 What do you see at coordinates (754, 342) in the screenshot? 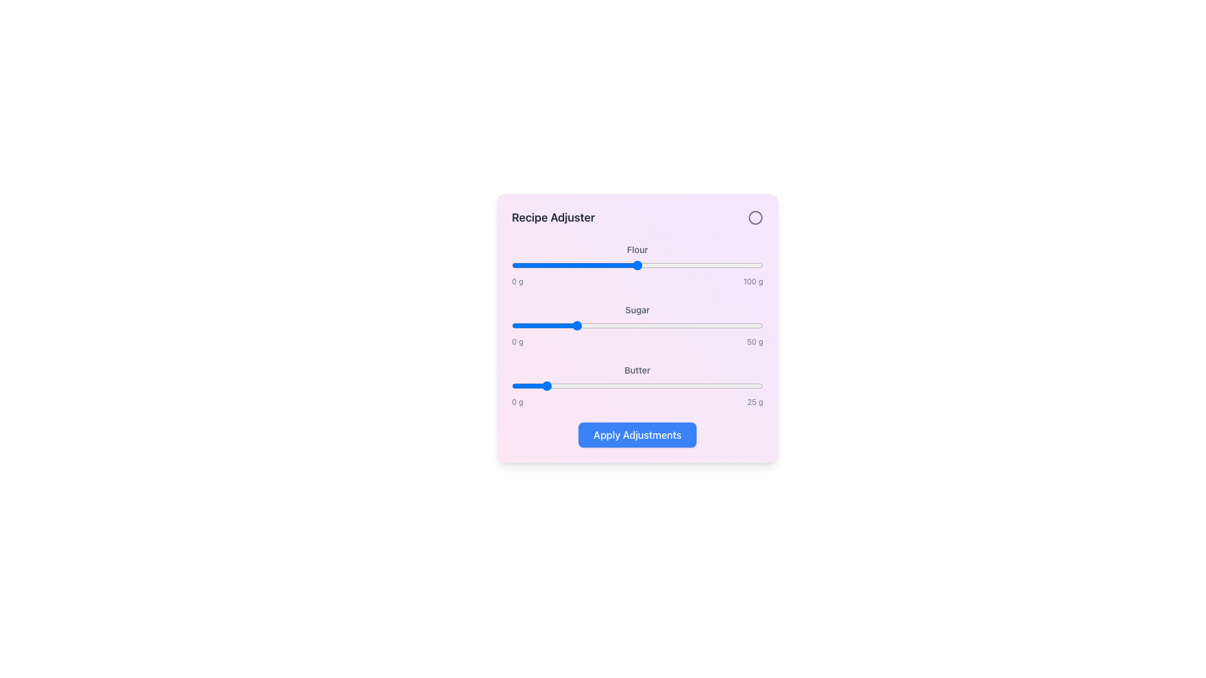
I see `static text label displaying '50 g' located on the right side of the 'Sugar' slider, adjacent to the '0 g' label` at bounding box center [754, 342].